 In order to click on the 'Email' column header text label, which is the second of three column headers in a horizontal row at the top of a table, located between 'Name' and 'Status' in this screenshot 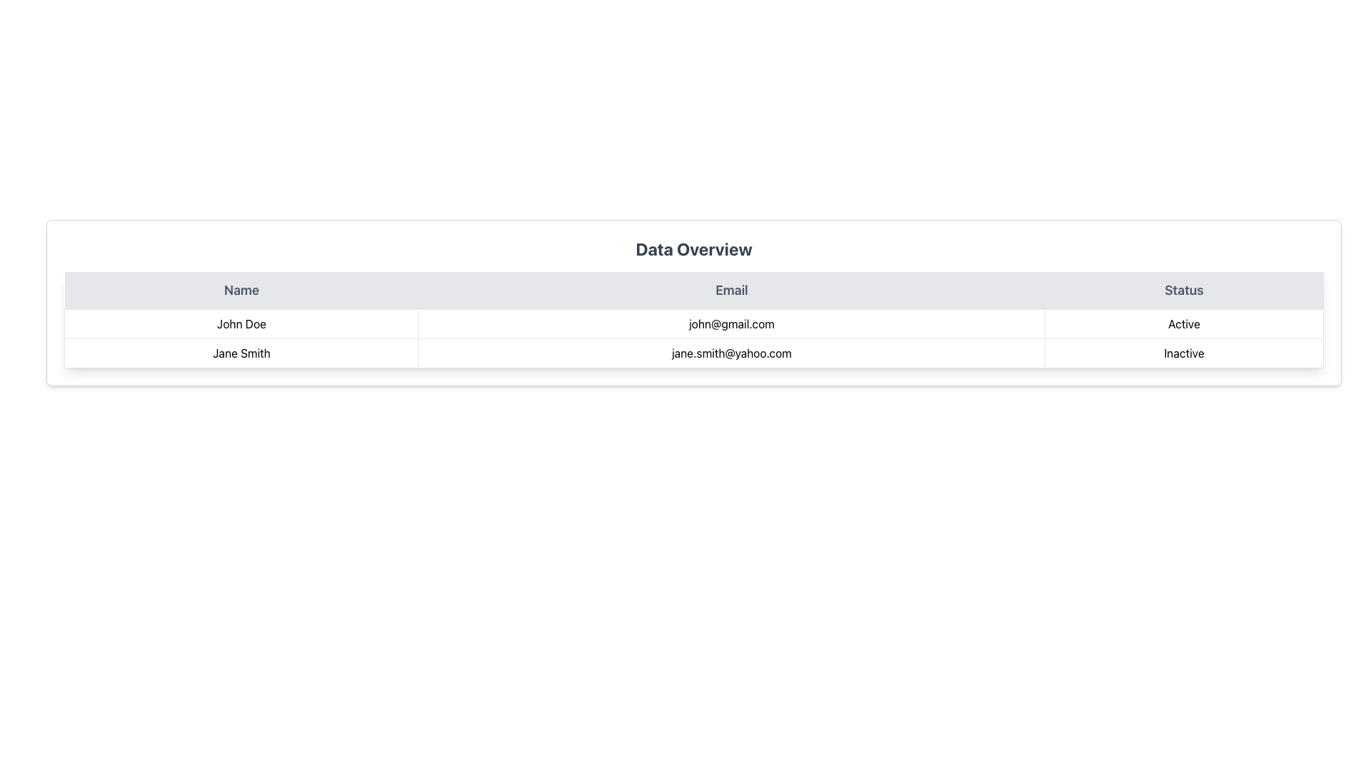, I will do `click(731, 290)`.